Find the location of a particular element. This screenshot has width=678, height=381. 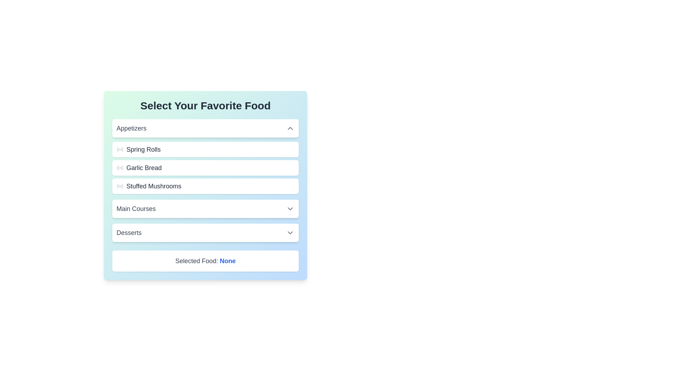

the static text element that displays 'None' and is styled in bold blue color, located within a white box below the label 'Selected Food:' is located at coordinates (228, 261).